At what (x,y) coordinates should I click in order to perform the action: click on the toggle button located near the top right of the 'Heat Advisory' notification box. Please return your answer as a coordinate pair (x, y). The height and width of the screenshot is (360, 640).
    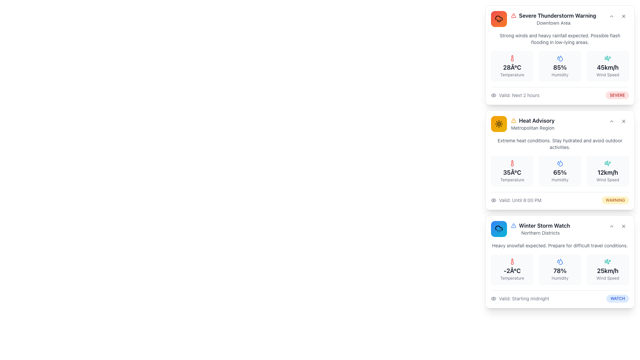
    Looking at the image, I should click on (611, 121).